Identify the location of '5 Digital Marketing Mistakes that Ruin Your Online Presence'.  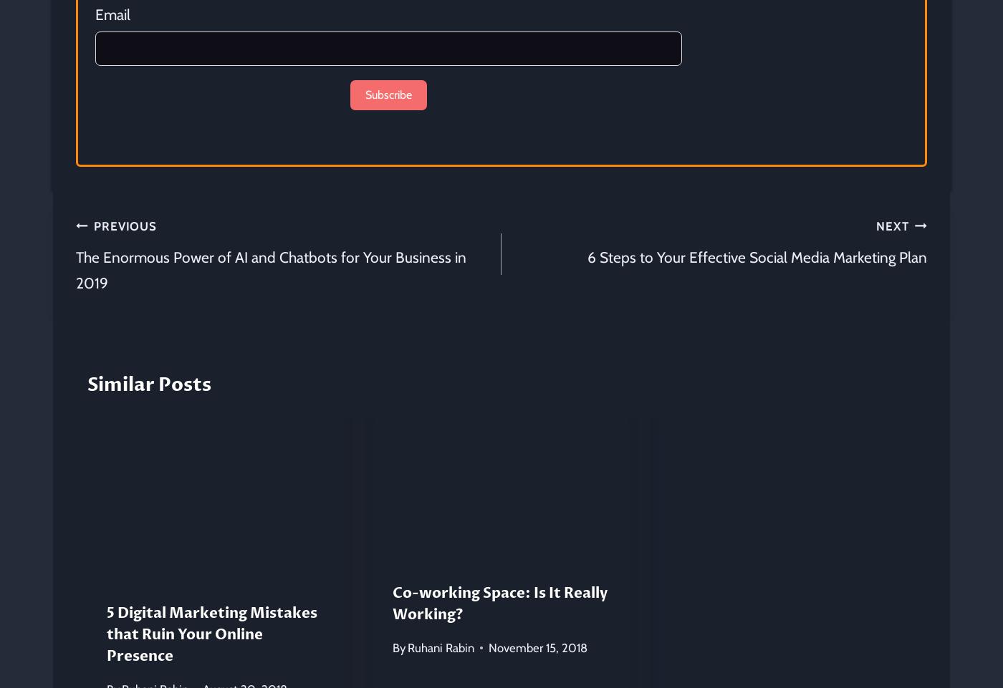
(211, 633).